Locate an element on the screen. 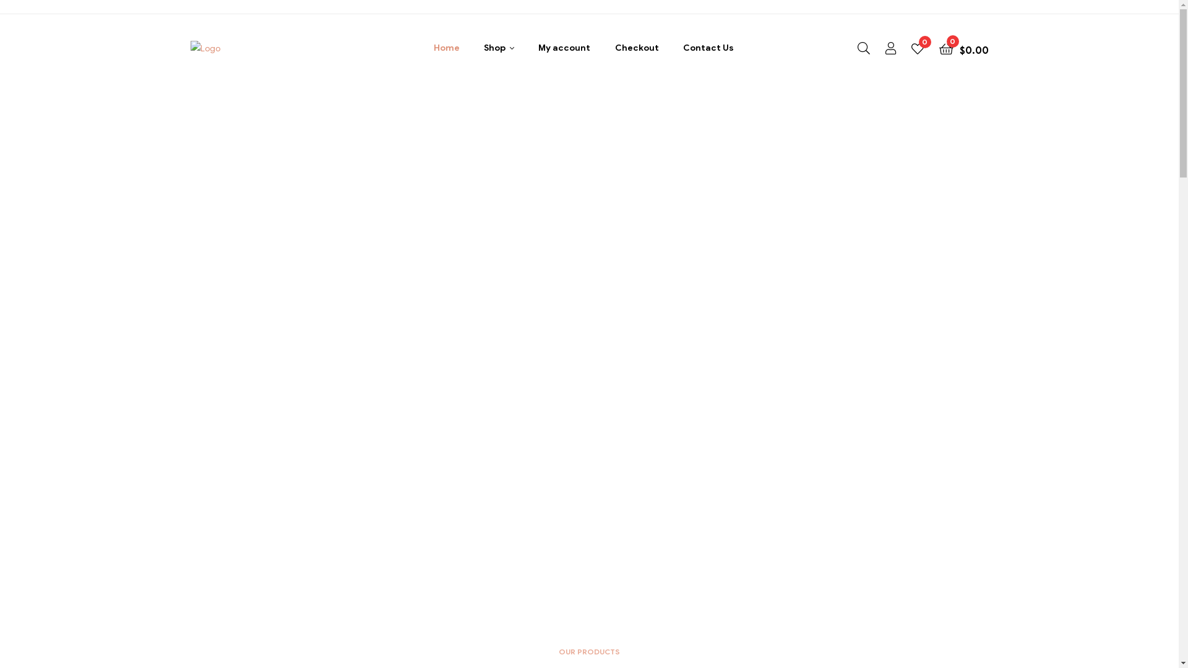 The height and width of the screenshot is (668, 1188). '0 is located at coordinates (939, 47).